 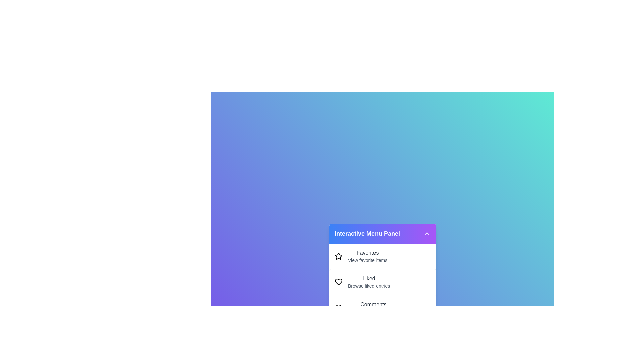 I want to click on the icon of the menu item corresponding to Liked, so click(x=338, y=282).